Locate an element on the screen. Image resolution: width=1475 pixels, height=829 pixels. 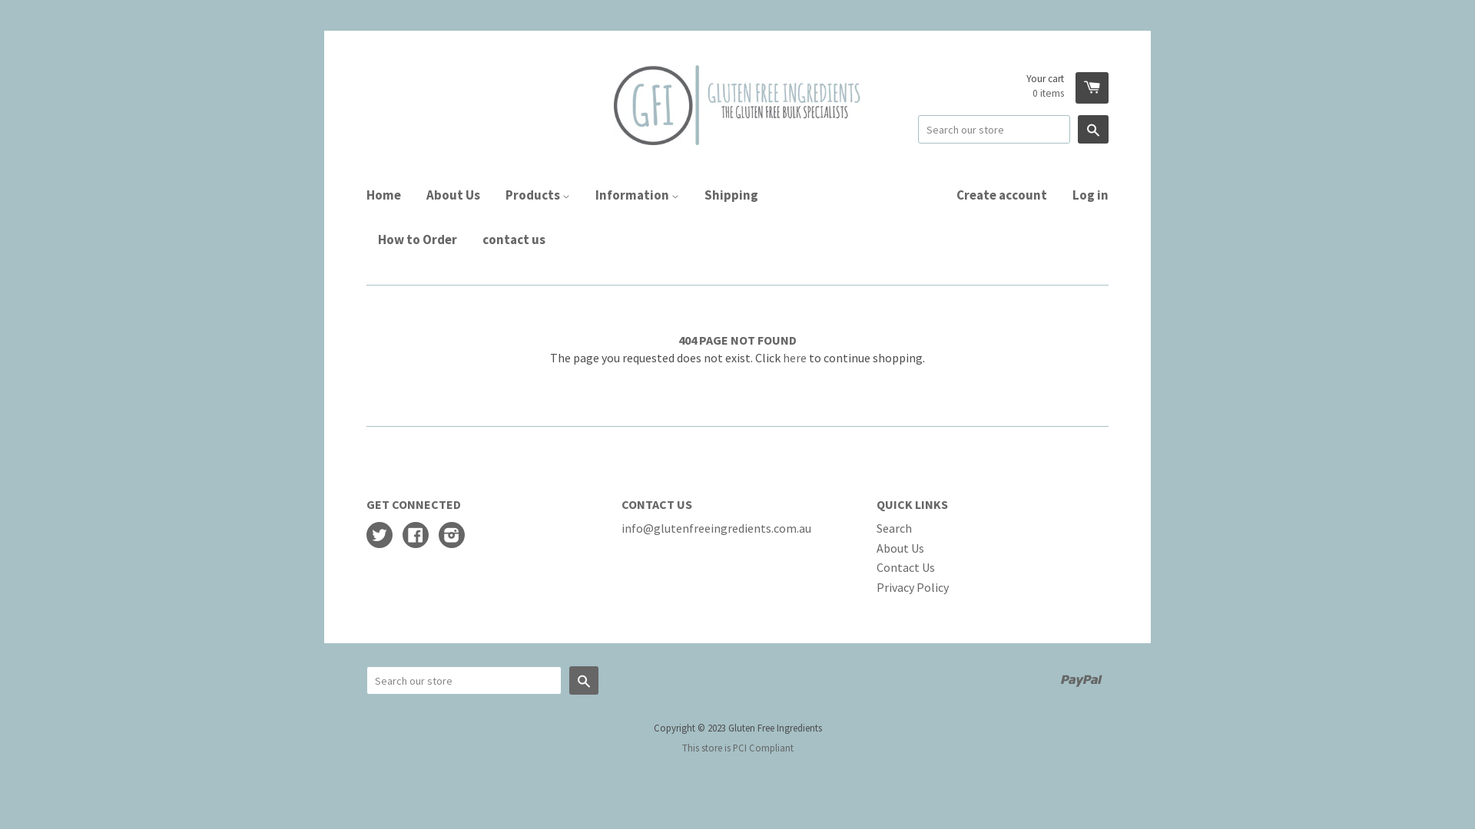
'Shipping' is located at coordinates (730, 194).